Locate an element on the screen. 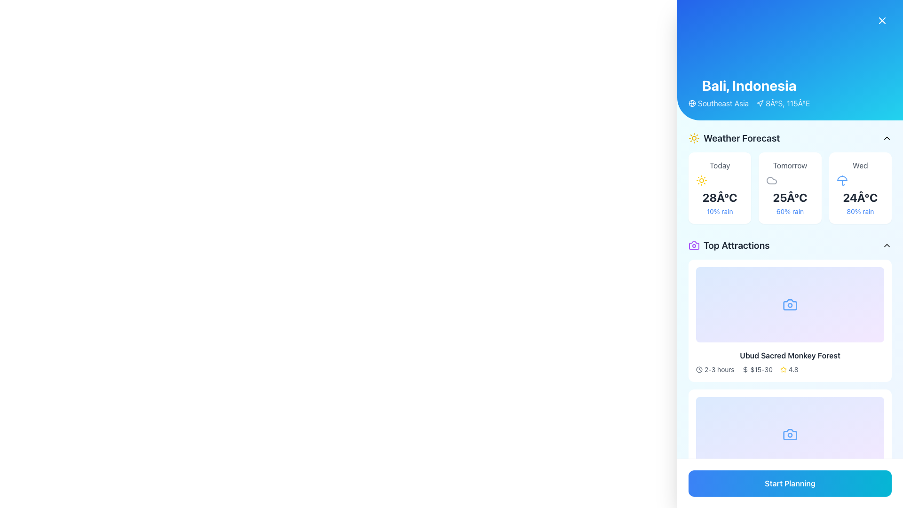 The width and height of the screenshot is (903, 508). the camera icon located at the top-left corner of the 'Top Attractions' section, adjacent to the section heading is located at coordinates (694, 245).